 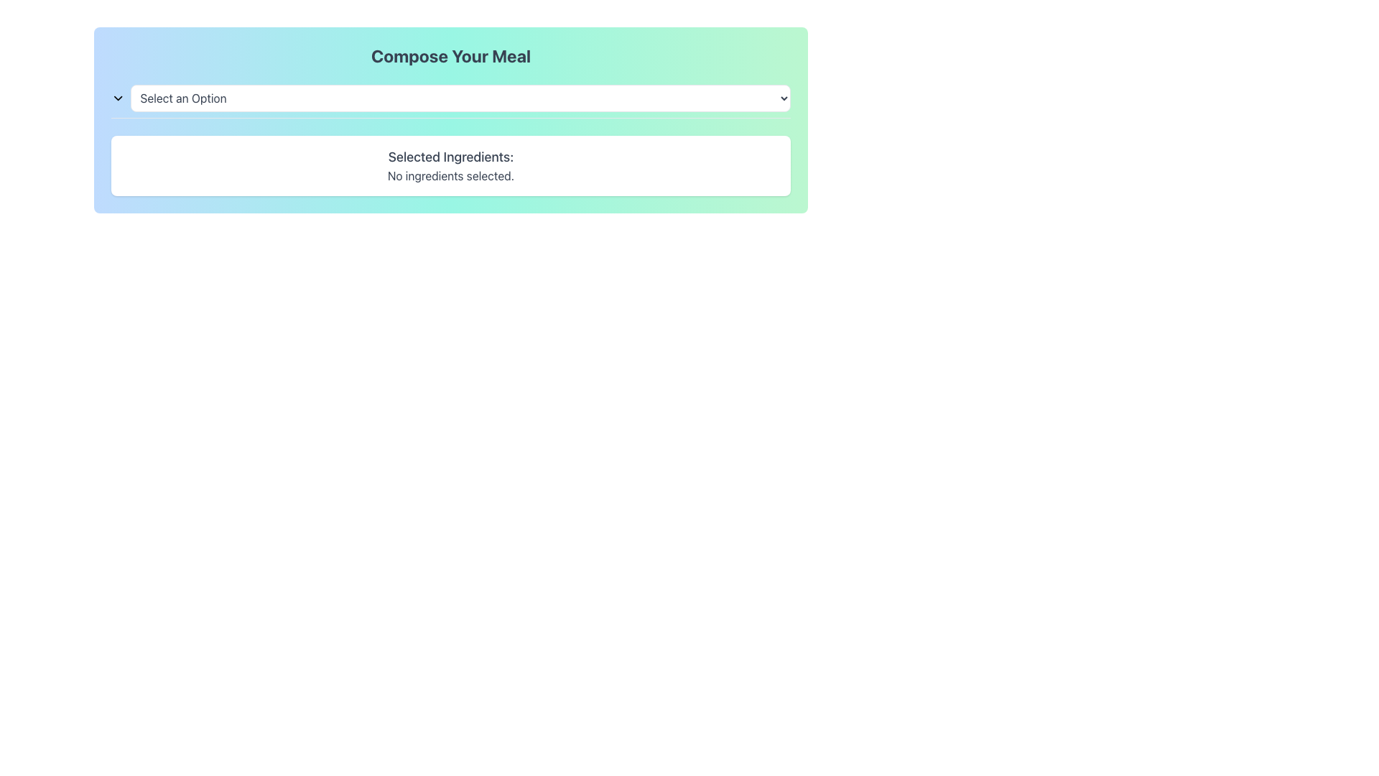 I want to click on the Dropdown Menu located directly under the title 'Compose Your Meal', so click(x=450, y=98).